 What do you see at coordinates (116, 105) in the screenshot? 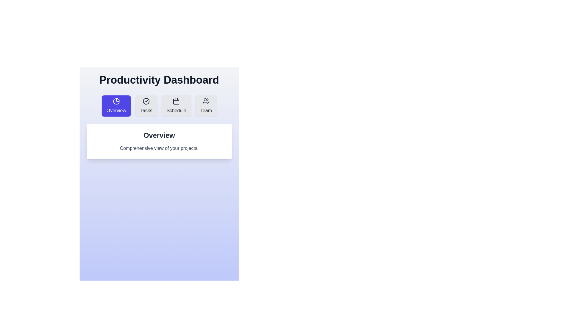
I see `the navigation button labeled 'Overview' to observe the visual effect` at bounding box center [116, 105].